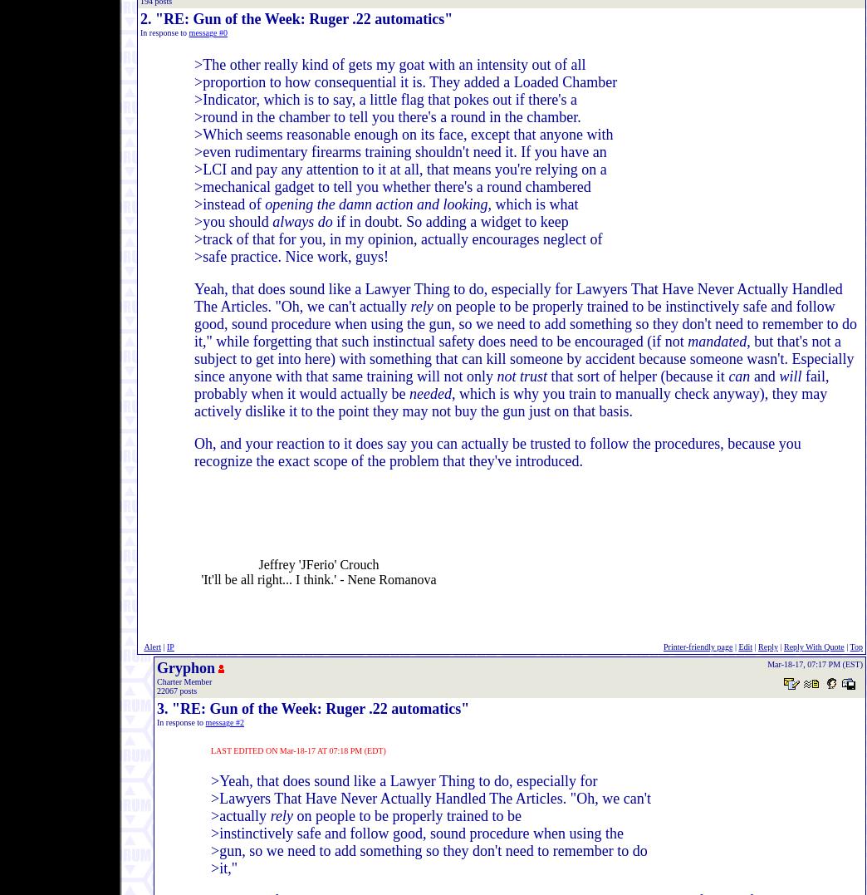  I want to click on 'not trust', so click(521, 375).